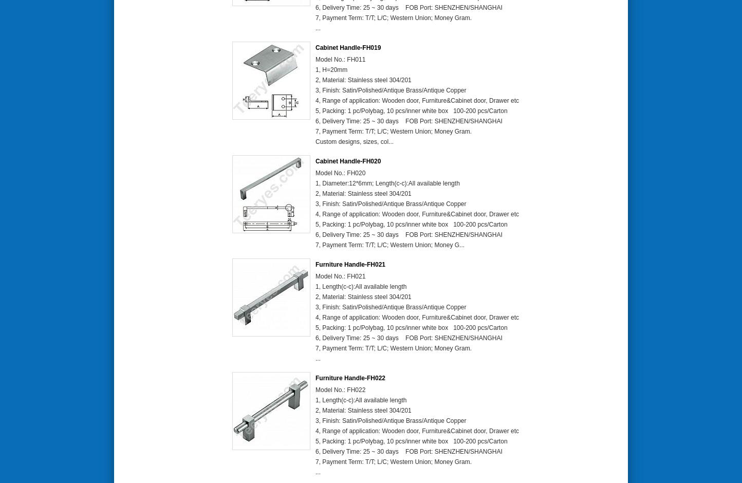 The width and height of the screenshot is (742, 483). What do you see at coordinates (340, 275) in the screenshot?
I see `'Model No.: FH021'` at bounding box center [340, 275].